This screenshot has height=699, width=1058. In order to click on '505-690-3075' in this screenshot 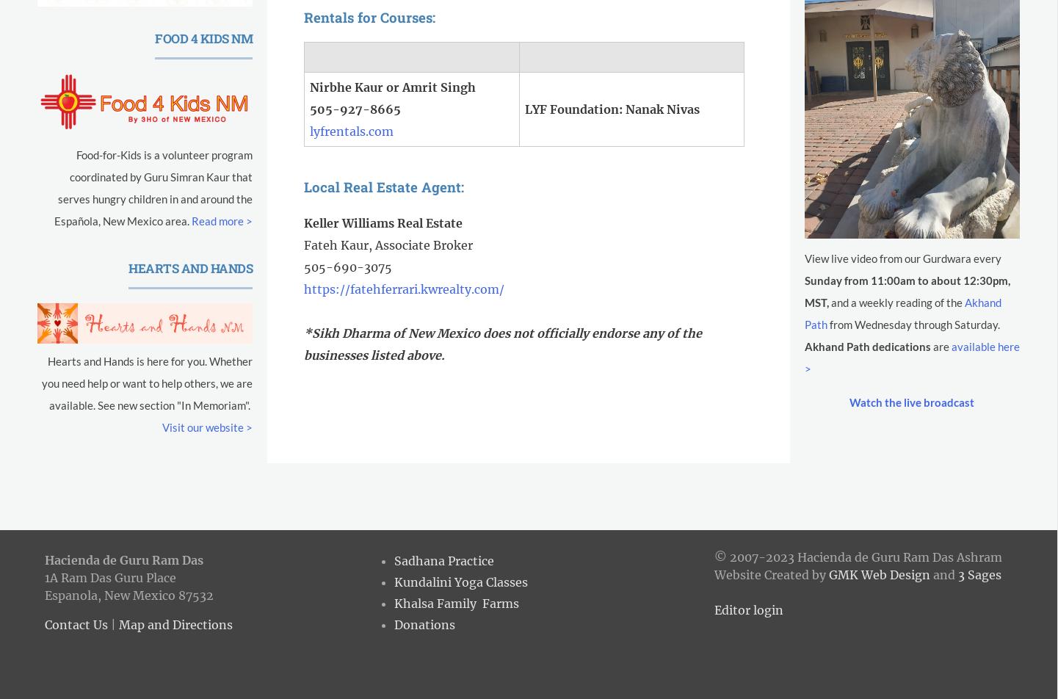, I will do `click(347, 267)`.